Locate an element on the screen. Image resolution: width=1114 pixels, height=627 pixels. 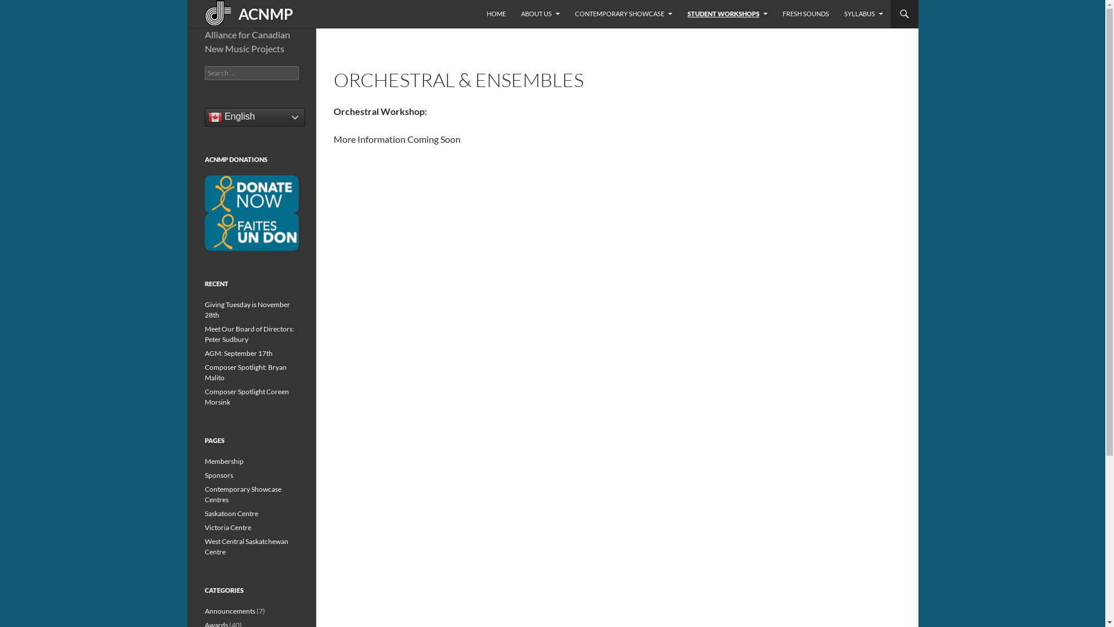
'West Central Saskatchewan Centre' is located at coordinates (245, 546).